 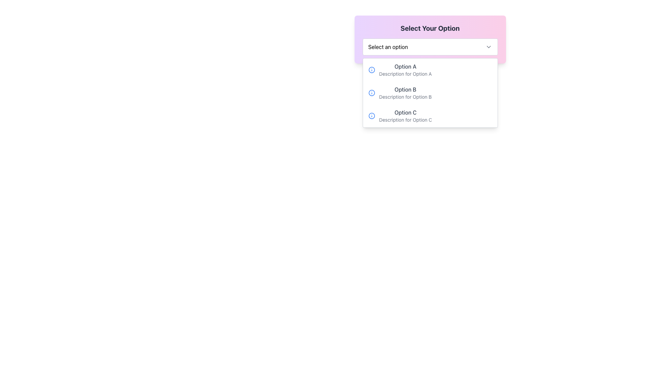 What do you see at coordinates (430, 93) in the screenshot?
I see `selectable option labeled 'Option B' in the dropdown menu, which is the second item in the list` at bounding box center [430, 93].